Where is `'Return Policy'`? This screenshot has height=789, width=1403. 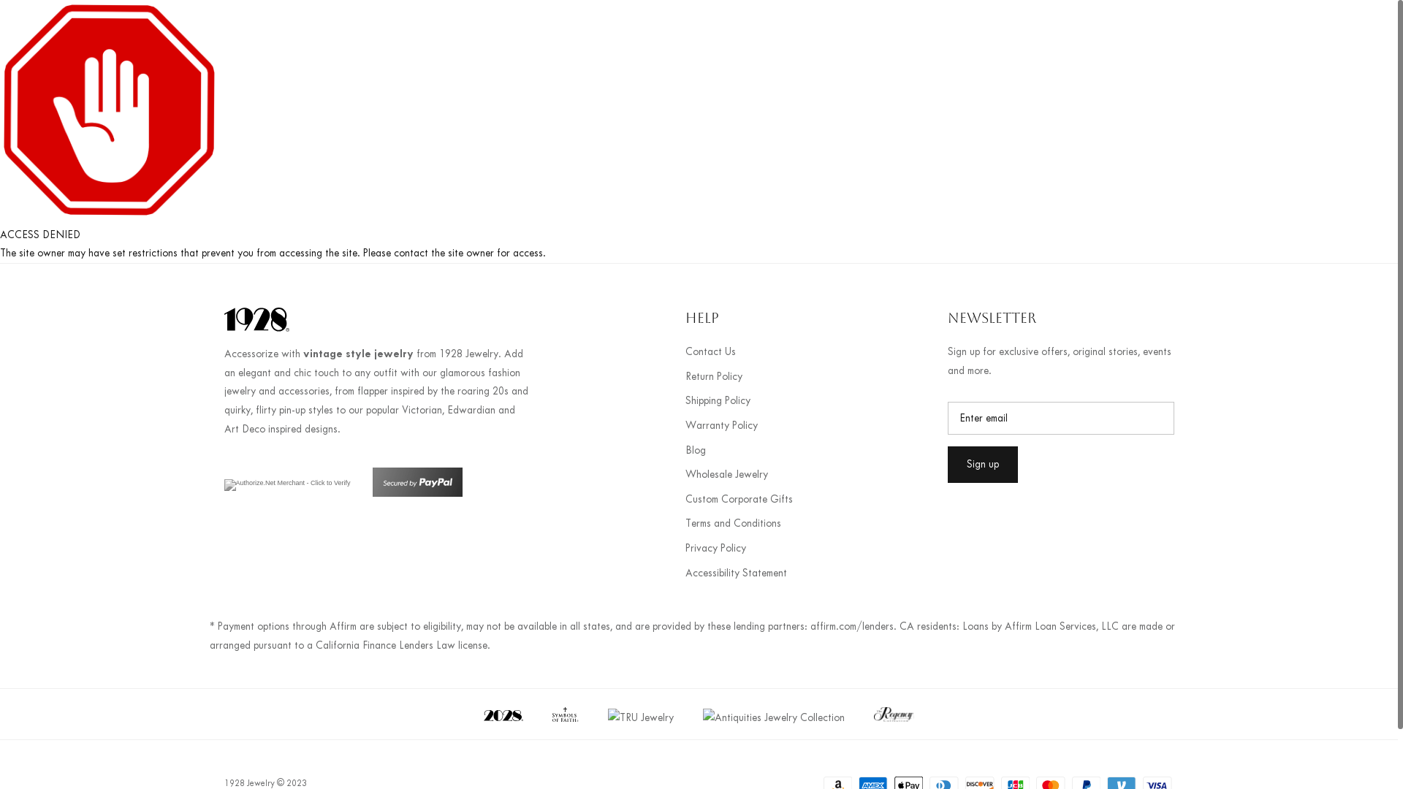 'Return Policy' is located at coordinates (714, 376).